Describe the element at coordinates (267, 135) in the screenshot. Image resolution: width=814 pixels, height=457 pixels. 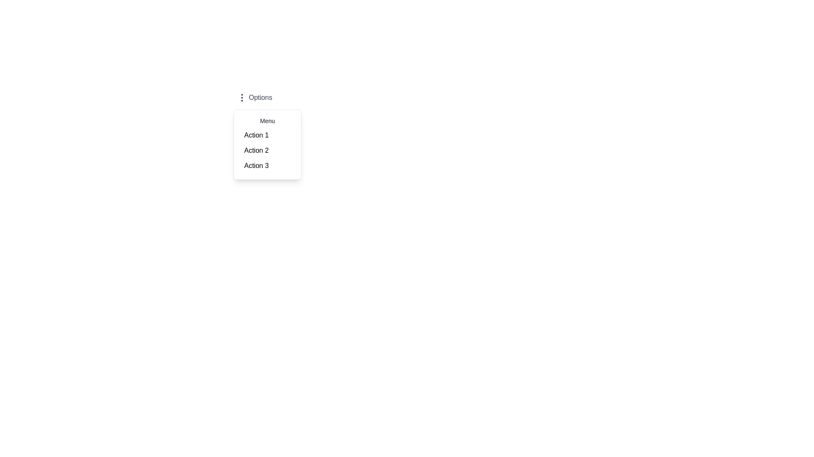
I see `the 'Action 1' button located at the top of the menu dropdown` at that location.